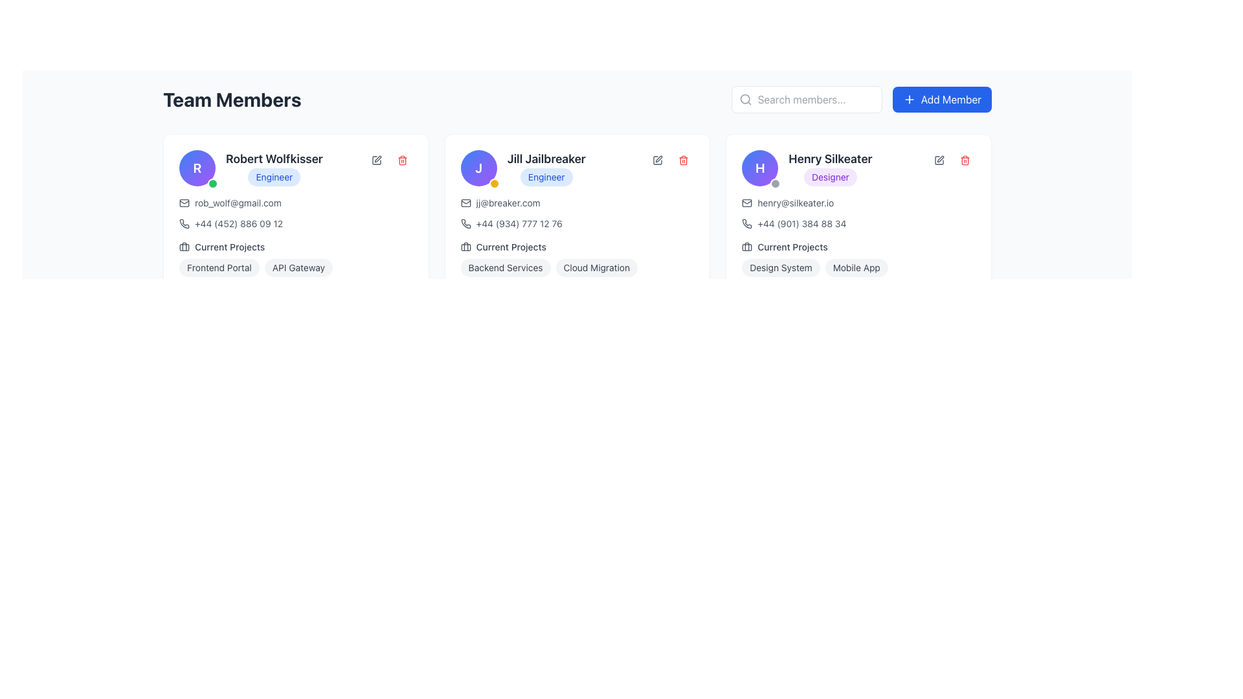 The height and width of the screenshot is (699, 1243). What do you see at coordinates (577, 259) in the screenshot?
I see `text in the 'Current Projects' section, which includes the tags 'Backend Services' and 'Cloud Migration'` at bounding box center [577, 259].